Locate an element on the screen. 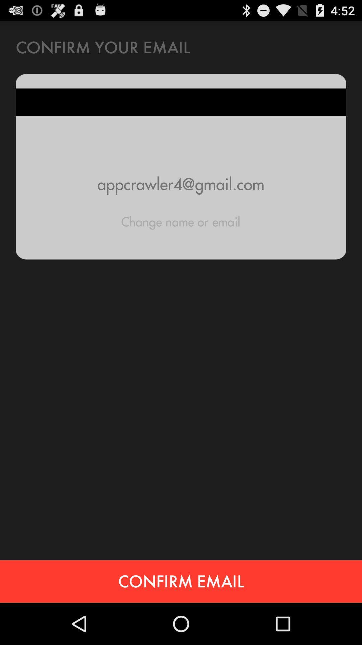  change name or item is located at coordinates (180, 222).